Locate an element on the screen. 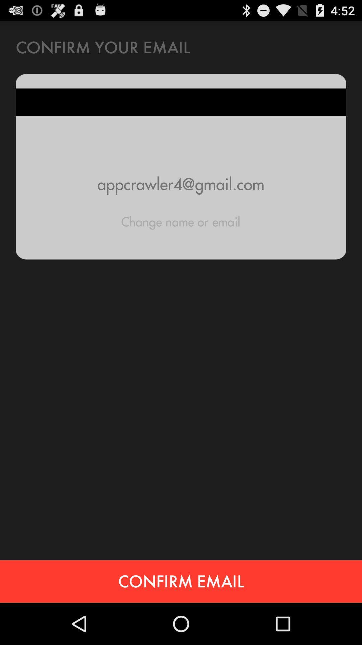  change name or item is located at coordinates (180, 222).